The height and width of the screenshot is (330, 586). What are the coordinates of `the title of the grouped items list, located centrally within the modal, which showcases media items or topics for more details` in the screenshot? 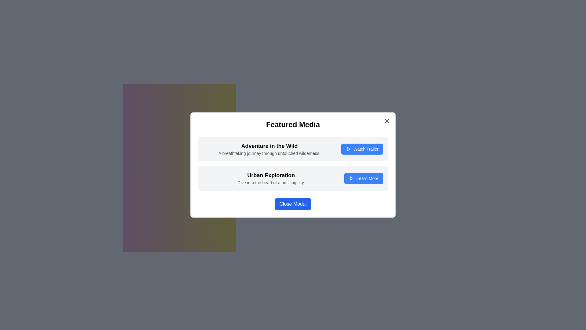 It's located at (293, 163).